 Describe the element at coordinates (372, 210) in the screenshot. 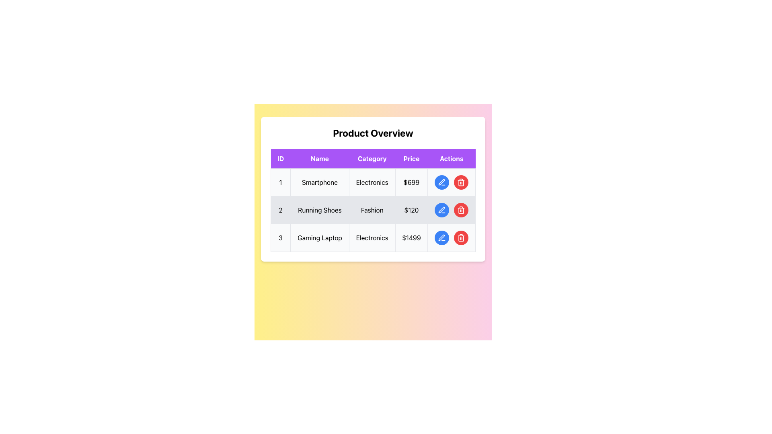

I see `the Text Cell containing the text 'Fashion', which is the third cell in the second row of the table under the 'Category' column` at that location.